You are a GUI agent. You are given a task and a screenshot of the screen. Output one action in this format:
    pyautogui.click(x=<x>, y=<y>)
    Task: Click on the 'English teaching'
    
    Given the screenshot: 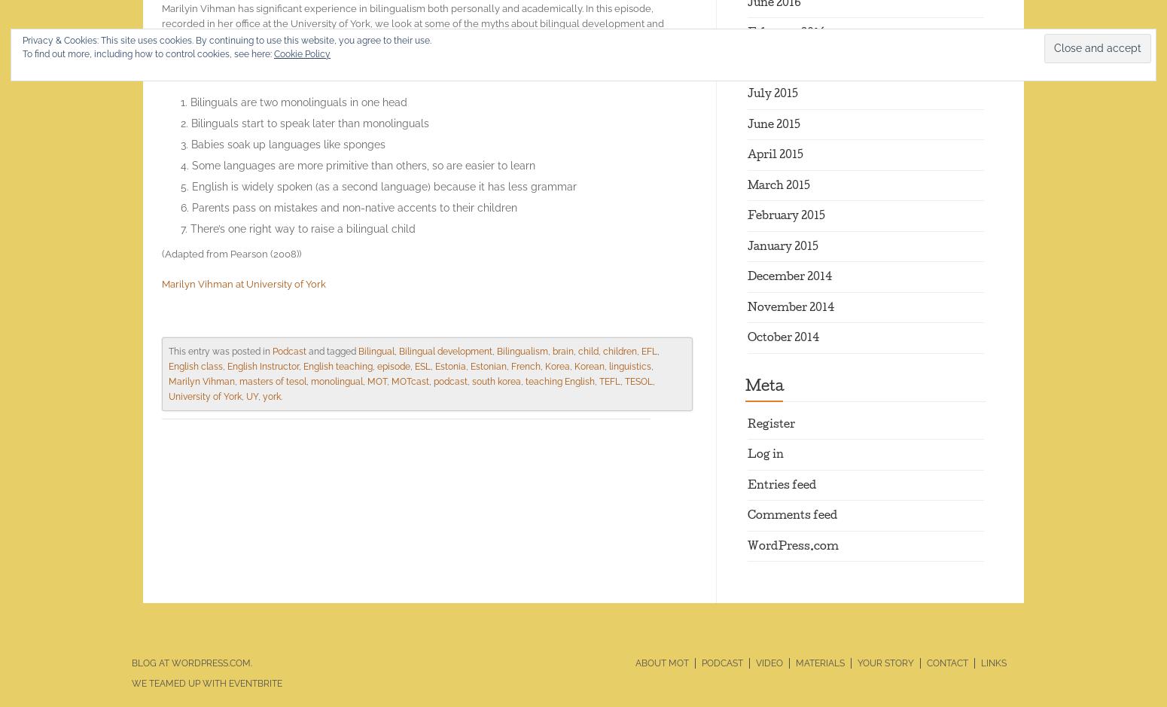 What is the action you would take?
    pyautogui.click(x=338, y=365)
    